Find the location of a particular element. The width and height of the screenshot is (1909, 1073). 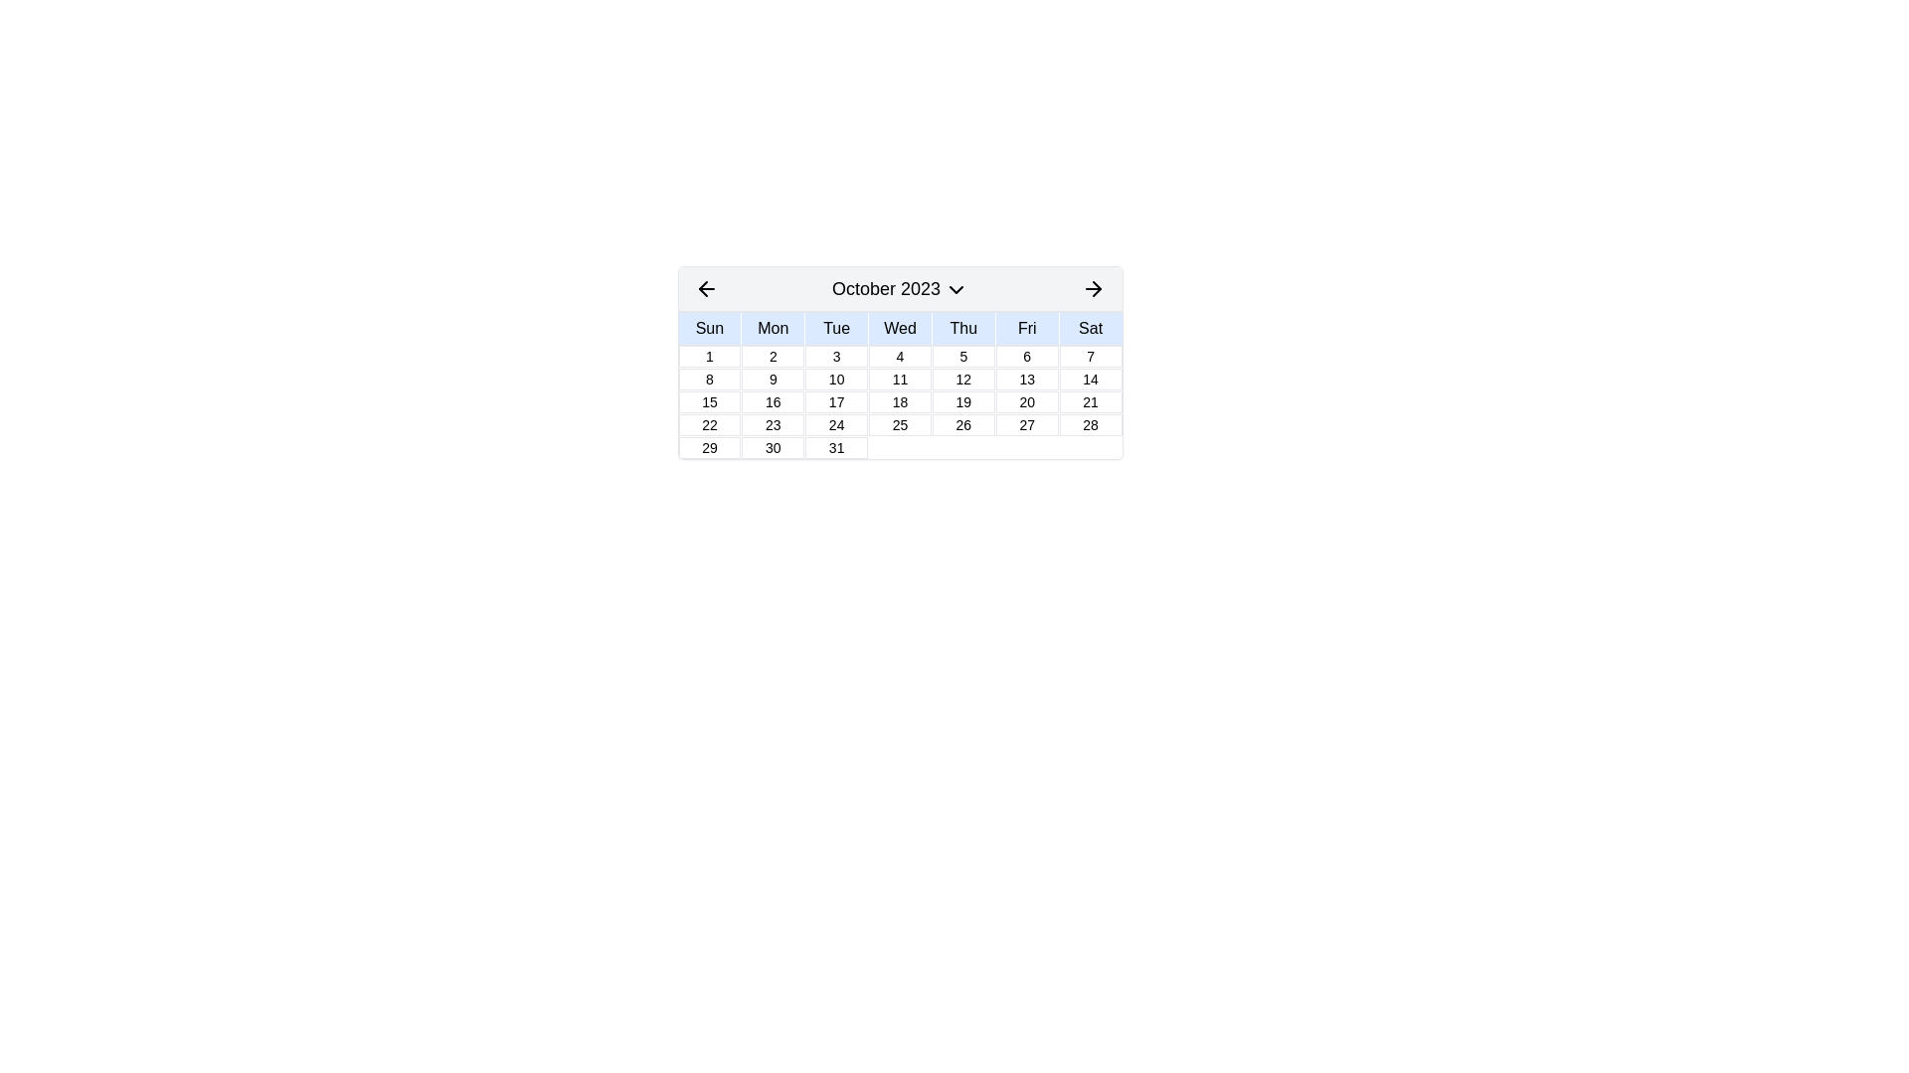

the calendar date cell representing the 24th of October 2023, located in the fourth row and third column under the 'Tue' header is located at coordinates (836, 424).